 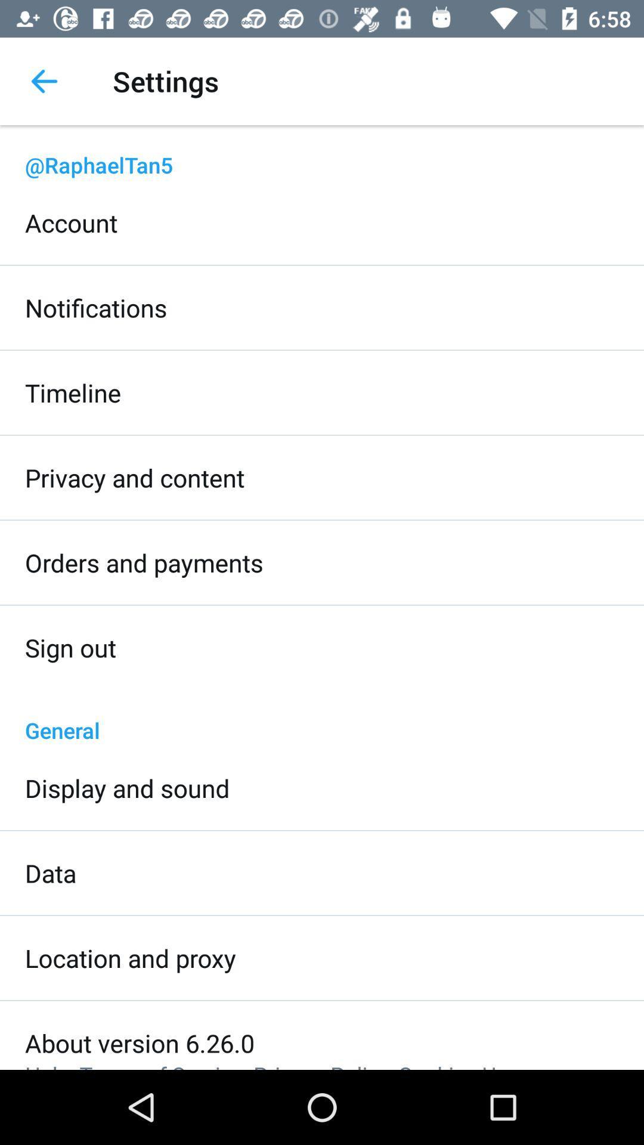 I want to click on the account icon, so click(x=71, y=222).